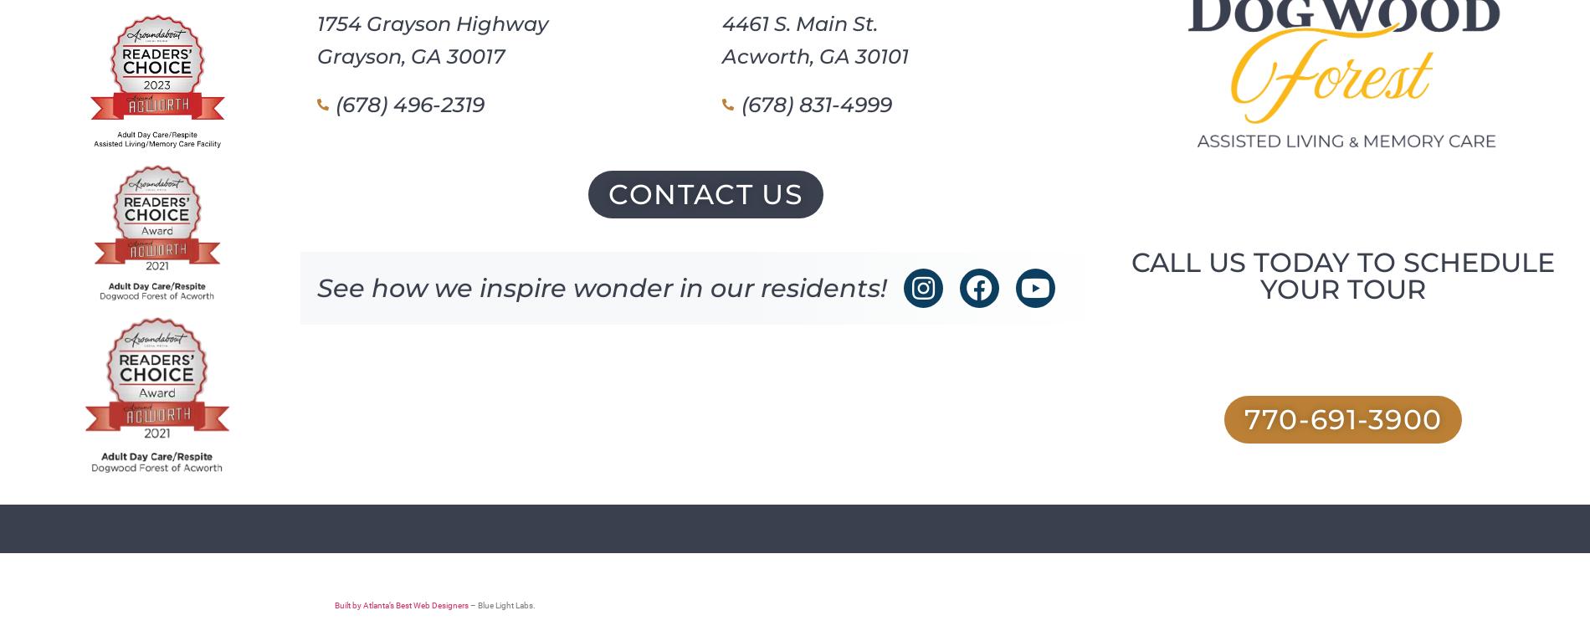 This screenshot has height=636, width=1590. What do you see at coordinates (815, 54) in the screenshot?
I see `'Acworth, GA 30101'` at bounding box center [815, 54].